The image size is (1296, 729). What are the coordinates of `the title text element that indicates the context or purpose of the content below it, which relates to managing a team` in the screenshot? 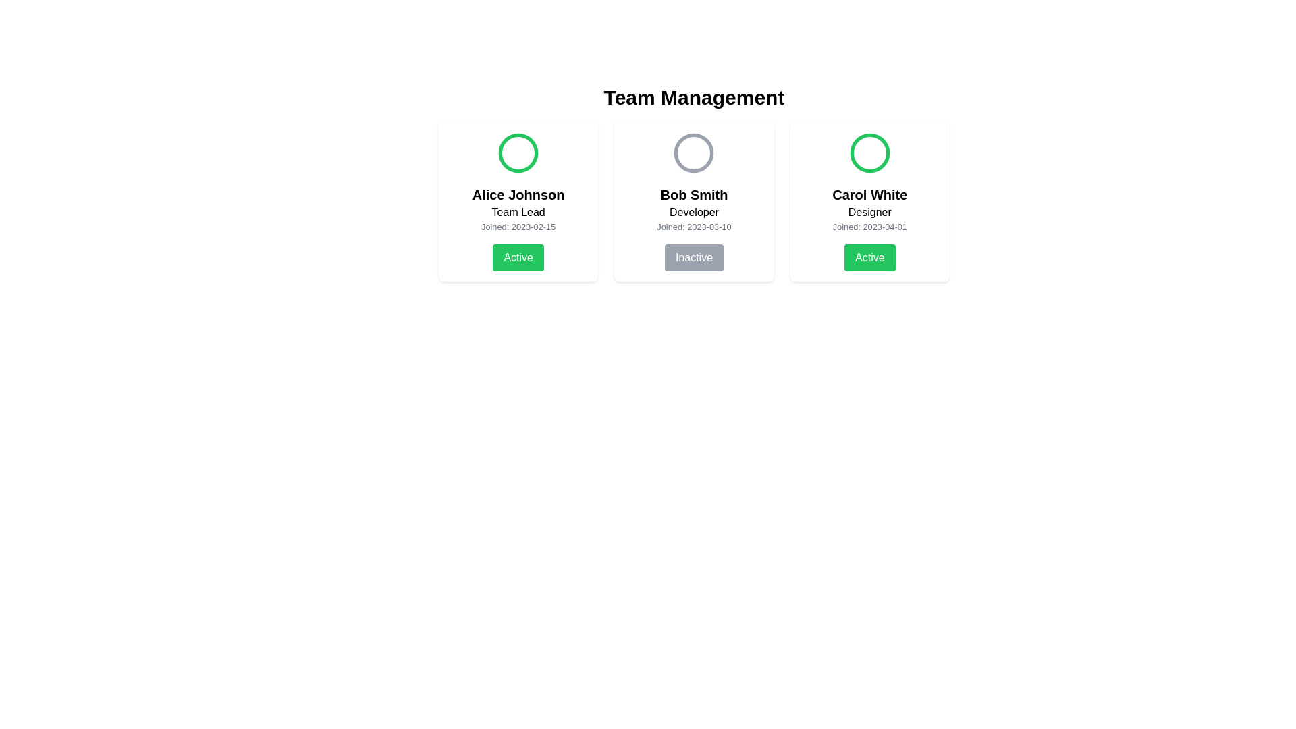 It's located at (694, 97).